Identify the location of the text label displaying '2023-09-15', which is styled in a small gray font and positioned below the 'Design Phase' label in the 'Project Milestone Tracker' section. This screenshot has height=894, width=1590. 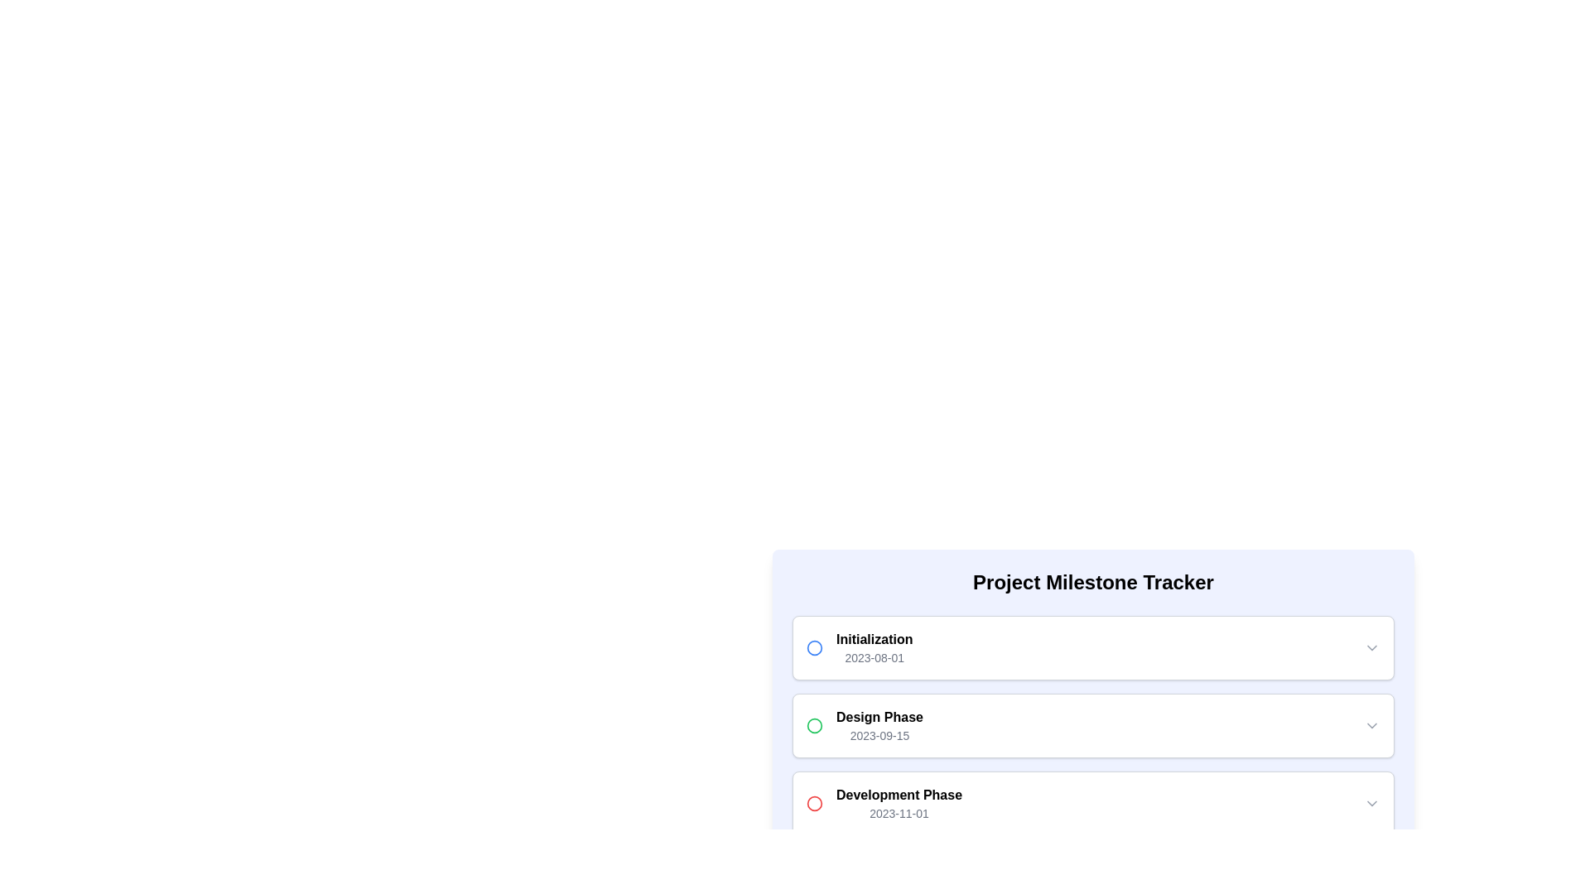
(879, 734).